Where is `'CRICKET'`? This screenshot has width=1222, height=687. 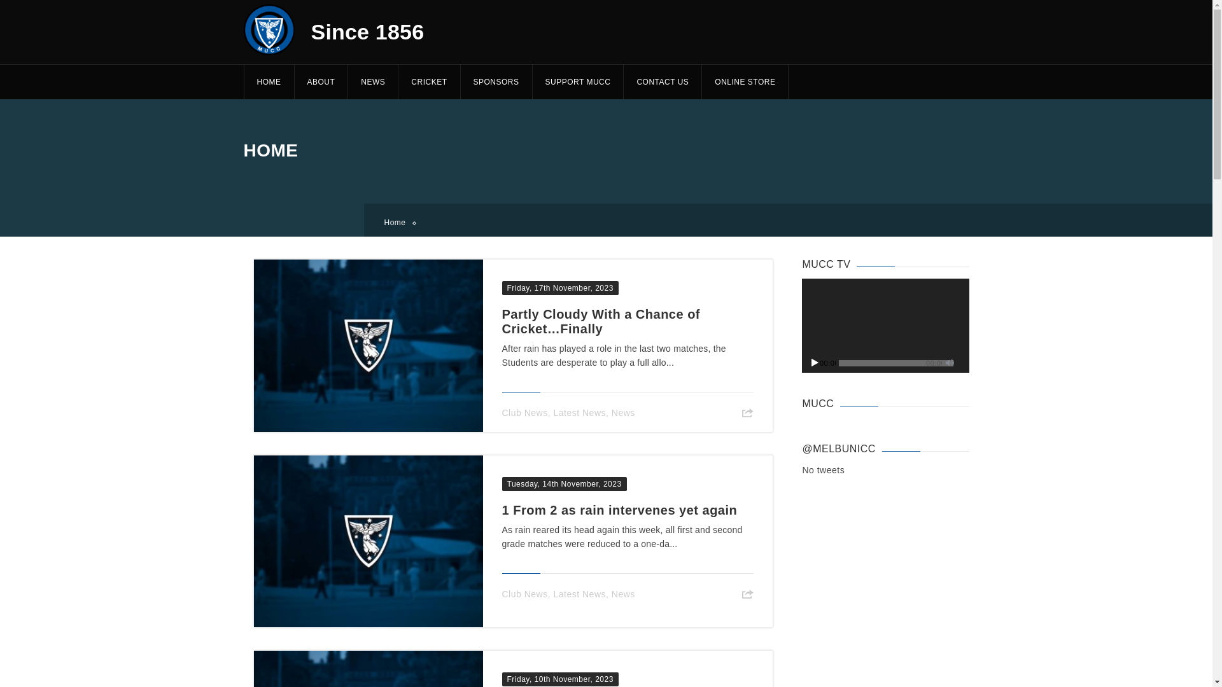
'CRICKET' is located at coordinates (428, 81).